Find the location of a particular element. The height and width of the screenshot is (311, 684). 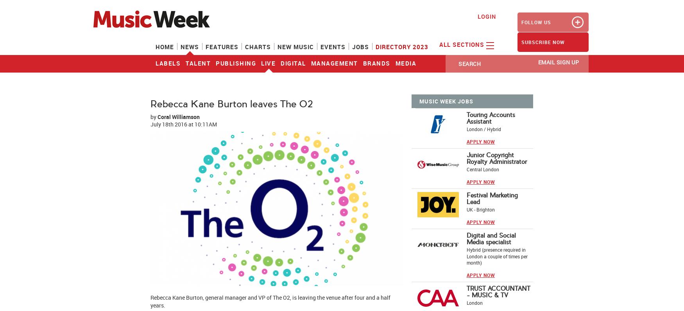

'TRUST ACCOUNTANT - MUSIC & TV' is located at coordinates (498, 291).